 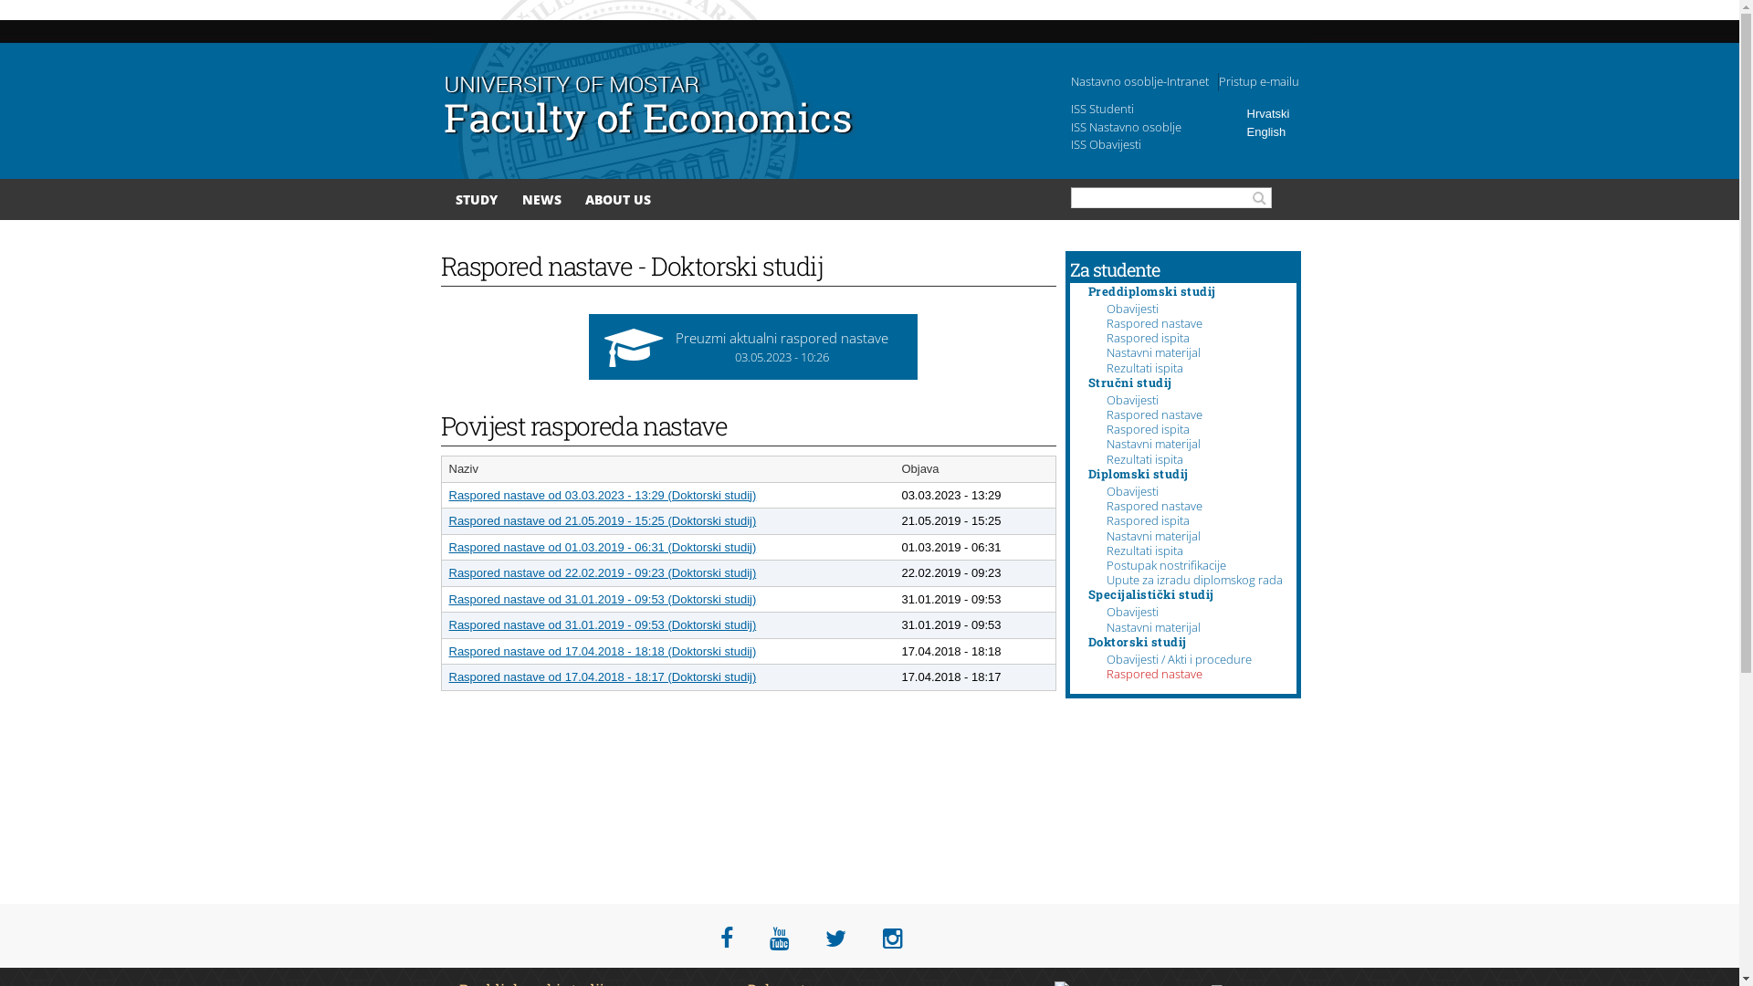 What do you see at coordinates (1256, 79) in the screenshot?
I see `'Pristup e-mailu'` at bounding box center [1256, 79].